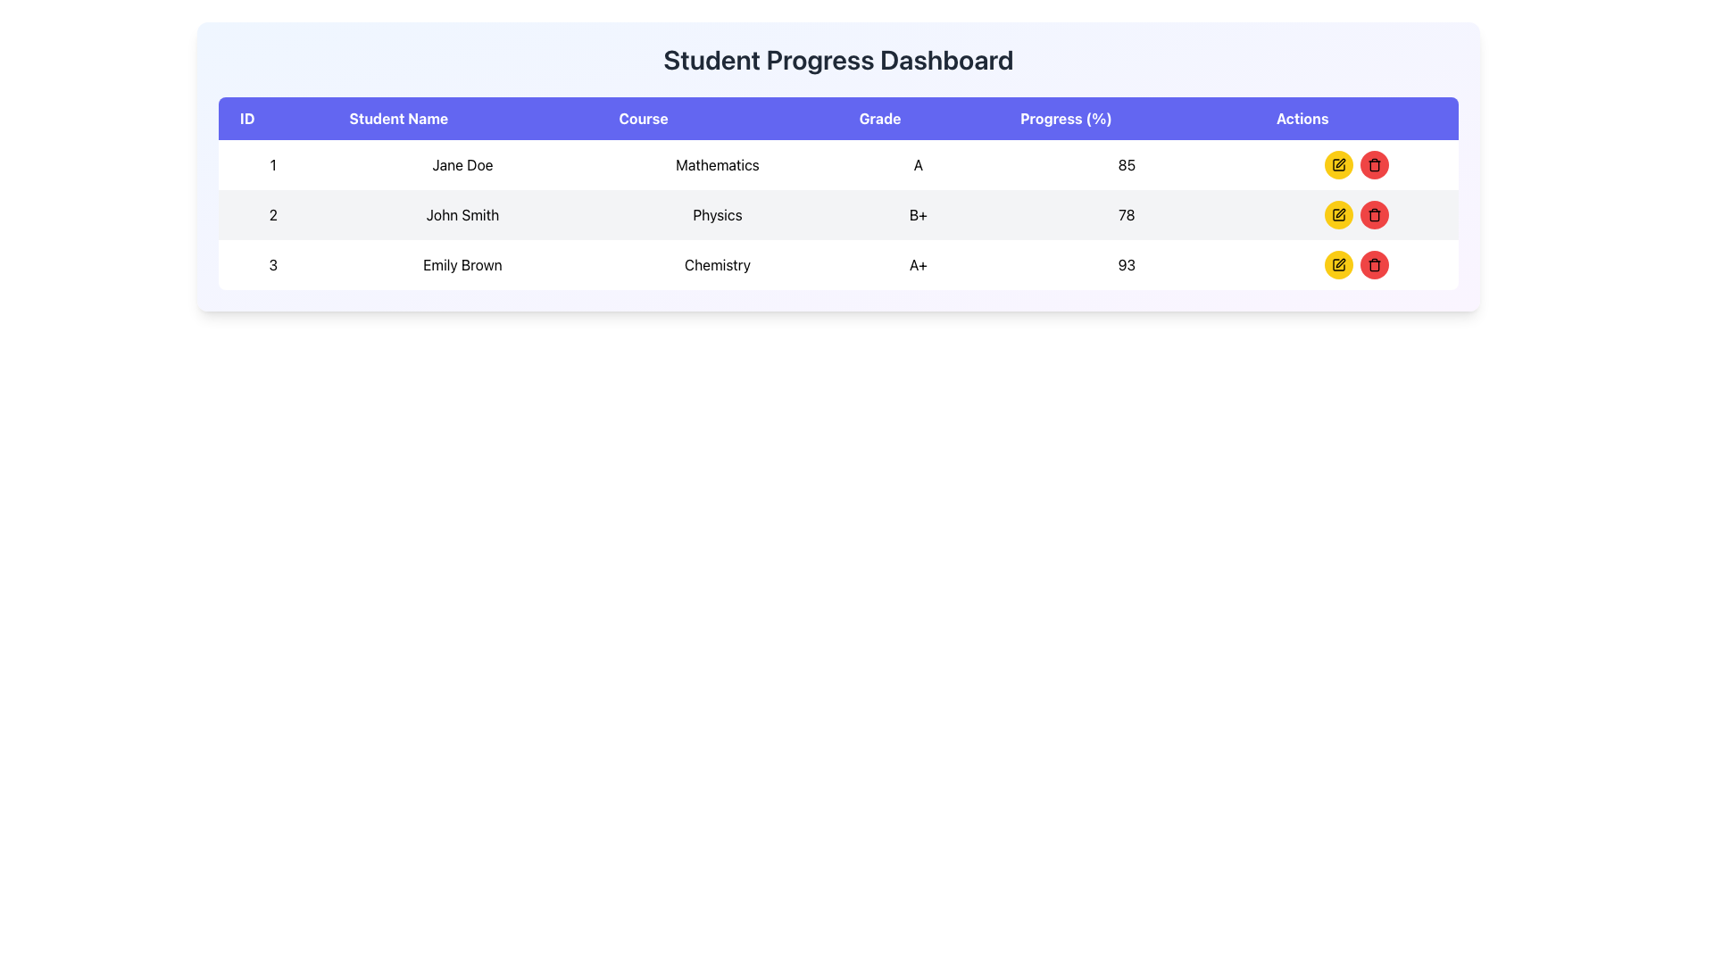 The image size is (1714, 964). Describe the element at coordinates (1373, 166) in the screenshot. I see `the trash bin icon with a red circular background in the Actions column of the table for John Smith` at that location.